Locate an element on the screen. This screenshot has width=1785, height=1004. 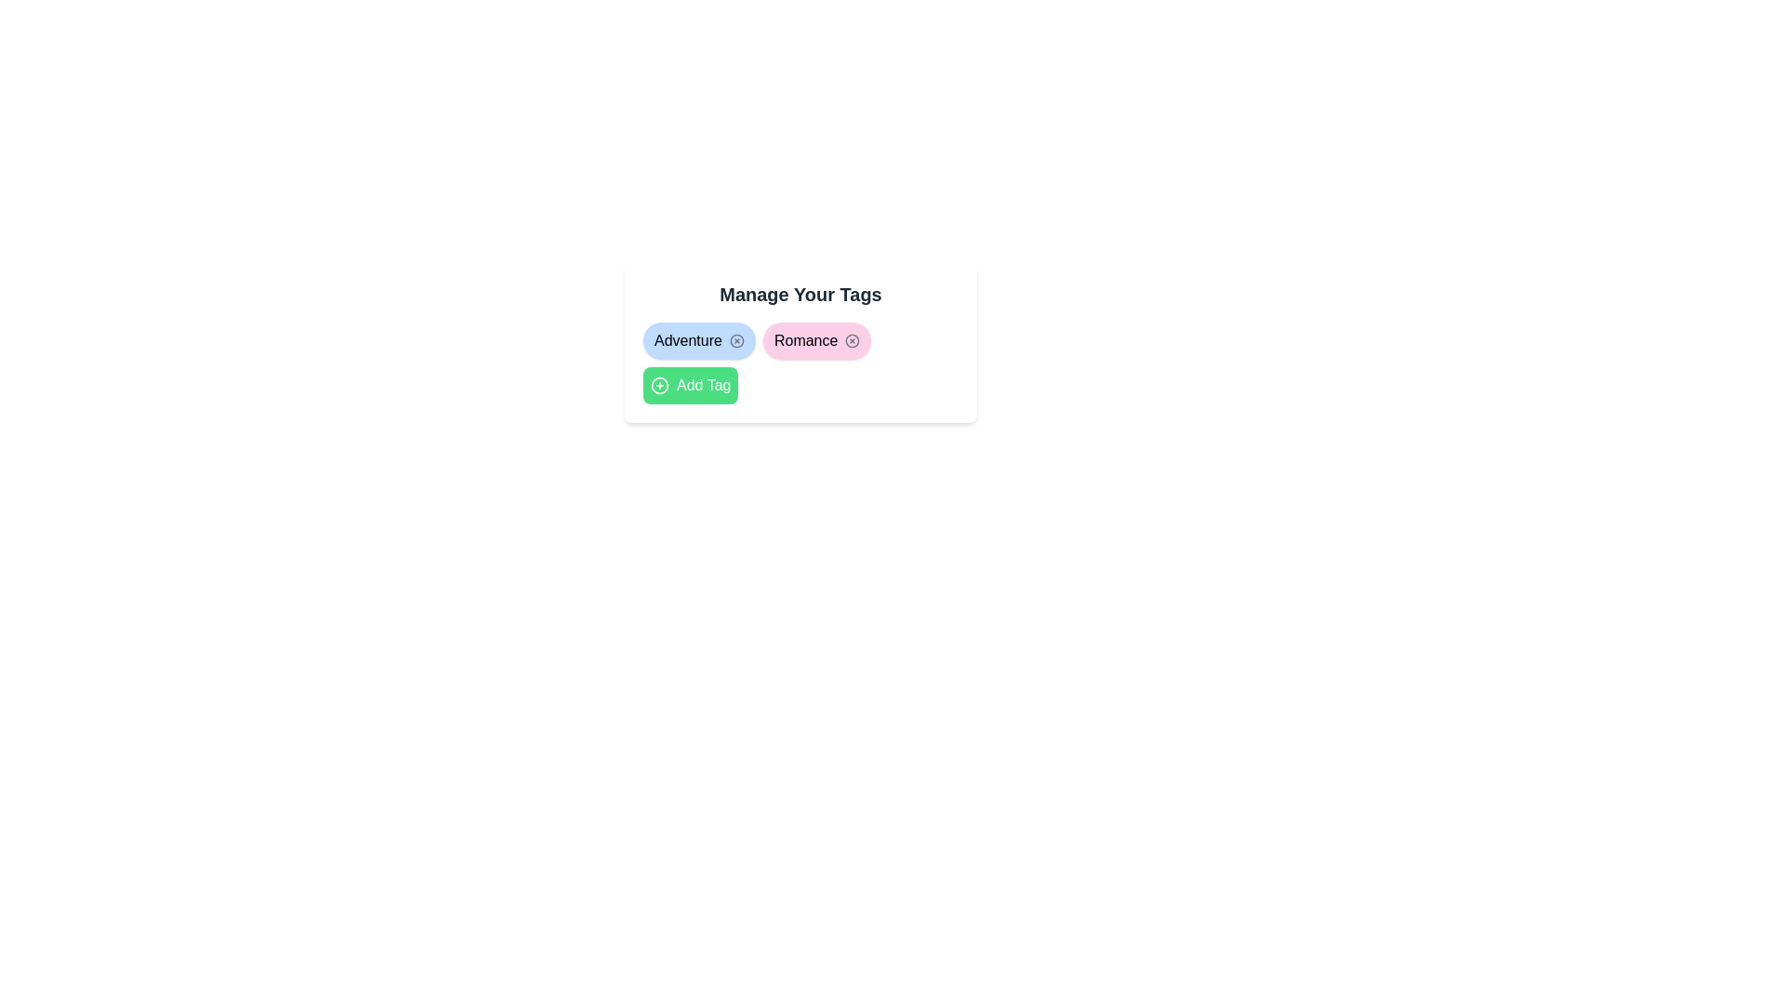
the 'Add Tag' button to add a new tag is located at coordinates (690, 385).